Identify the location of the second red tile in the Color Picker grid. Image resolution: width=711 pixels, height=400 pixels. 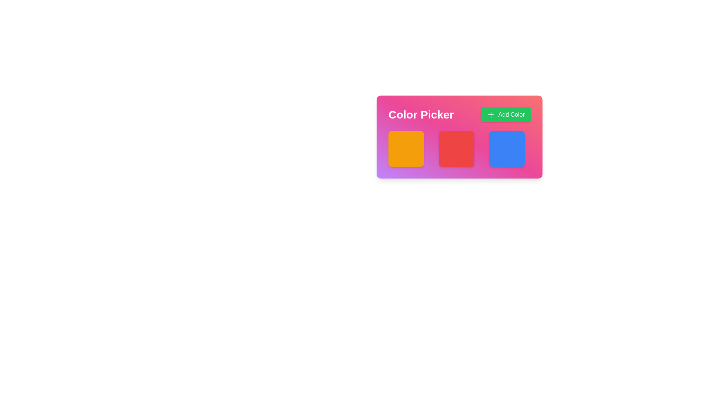
(459, 149).